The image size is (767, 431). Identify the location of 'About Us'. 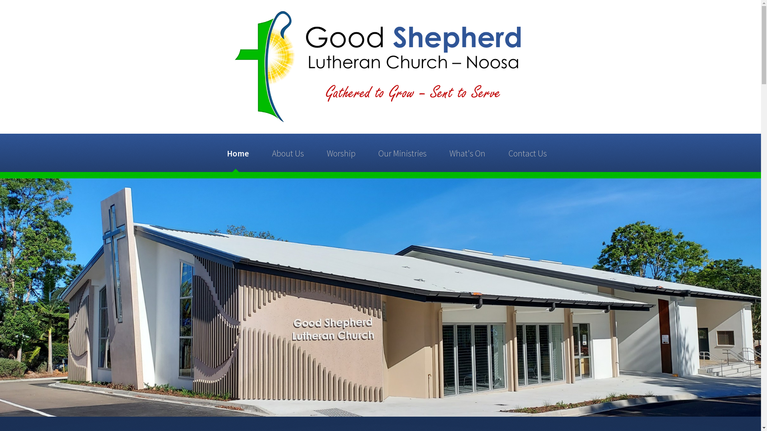
(268, 152).